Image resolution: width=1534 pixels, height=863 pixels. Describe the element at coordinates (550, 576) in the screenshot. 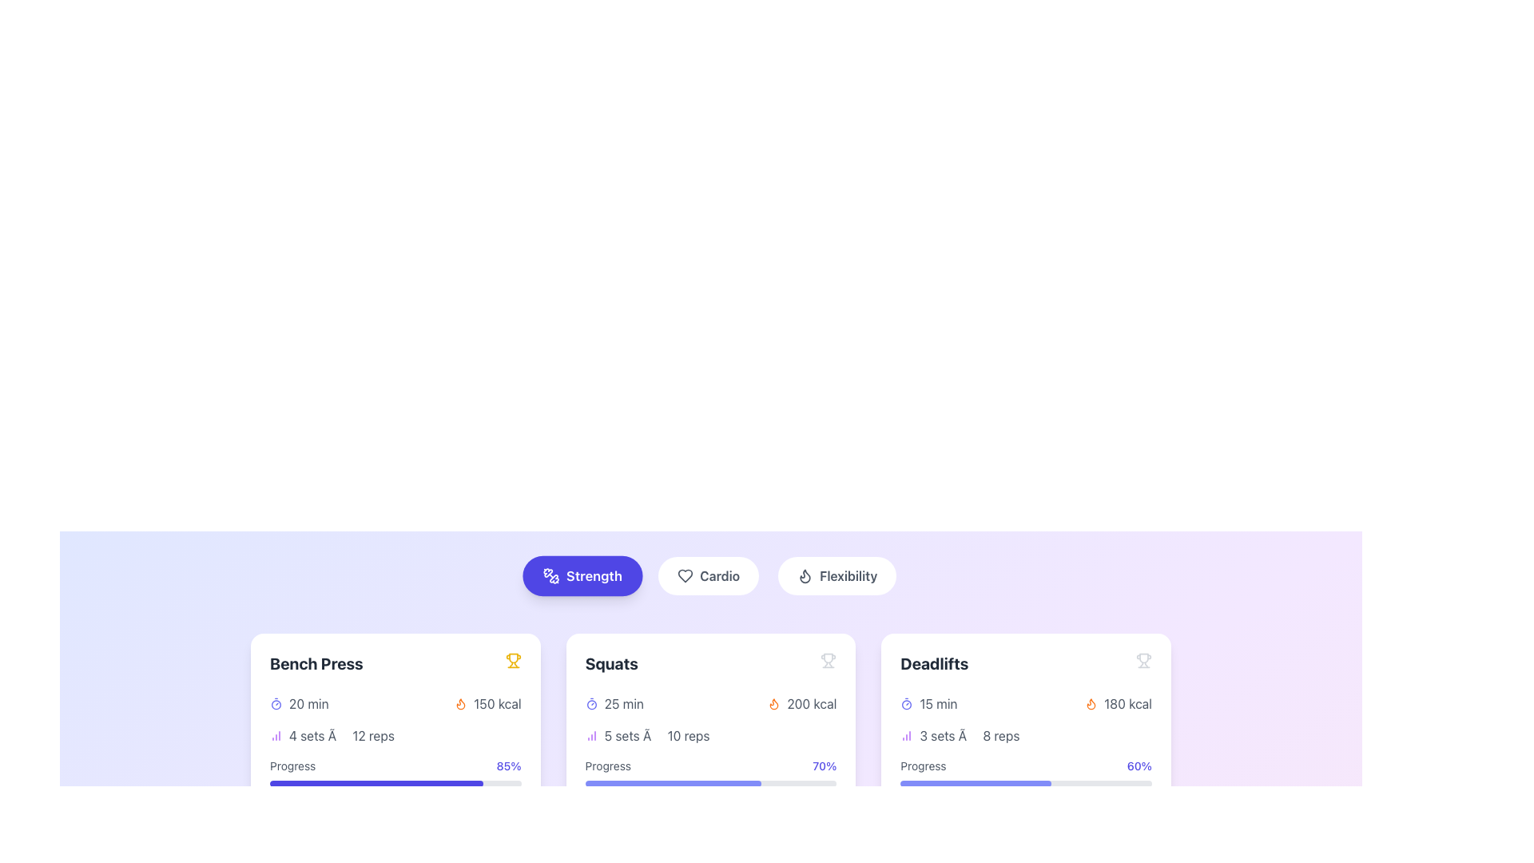

I see `the small dumbbell icon styled with a minimalist design, which is located within the purple button labeled 'Strength.'` at that location.